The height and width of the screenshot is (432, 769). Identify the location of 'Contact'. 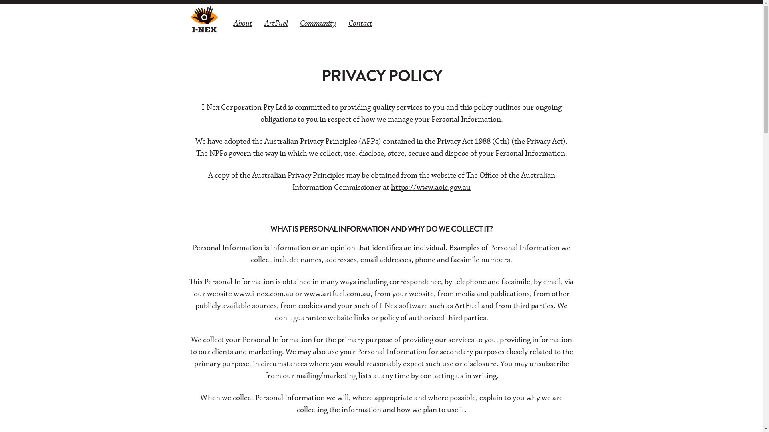
(359, 22).